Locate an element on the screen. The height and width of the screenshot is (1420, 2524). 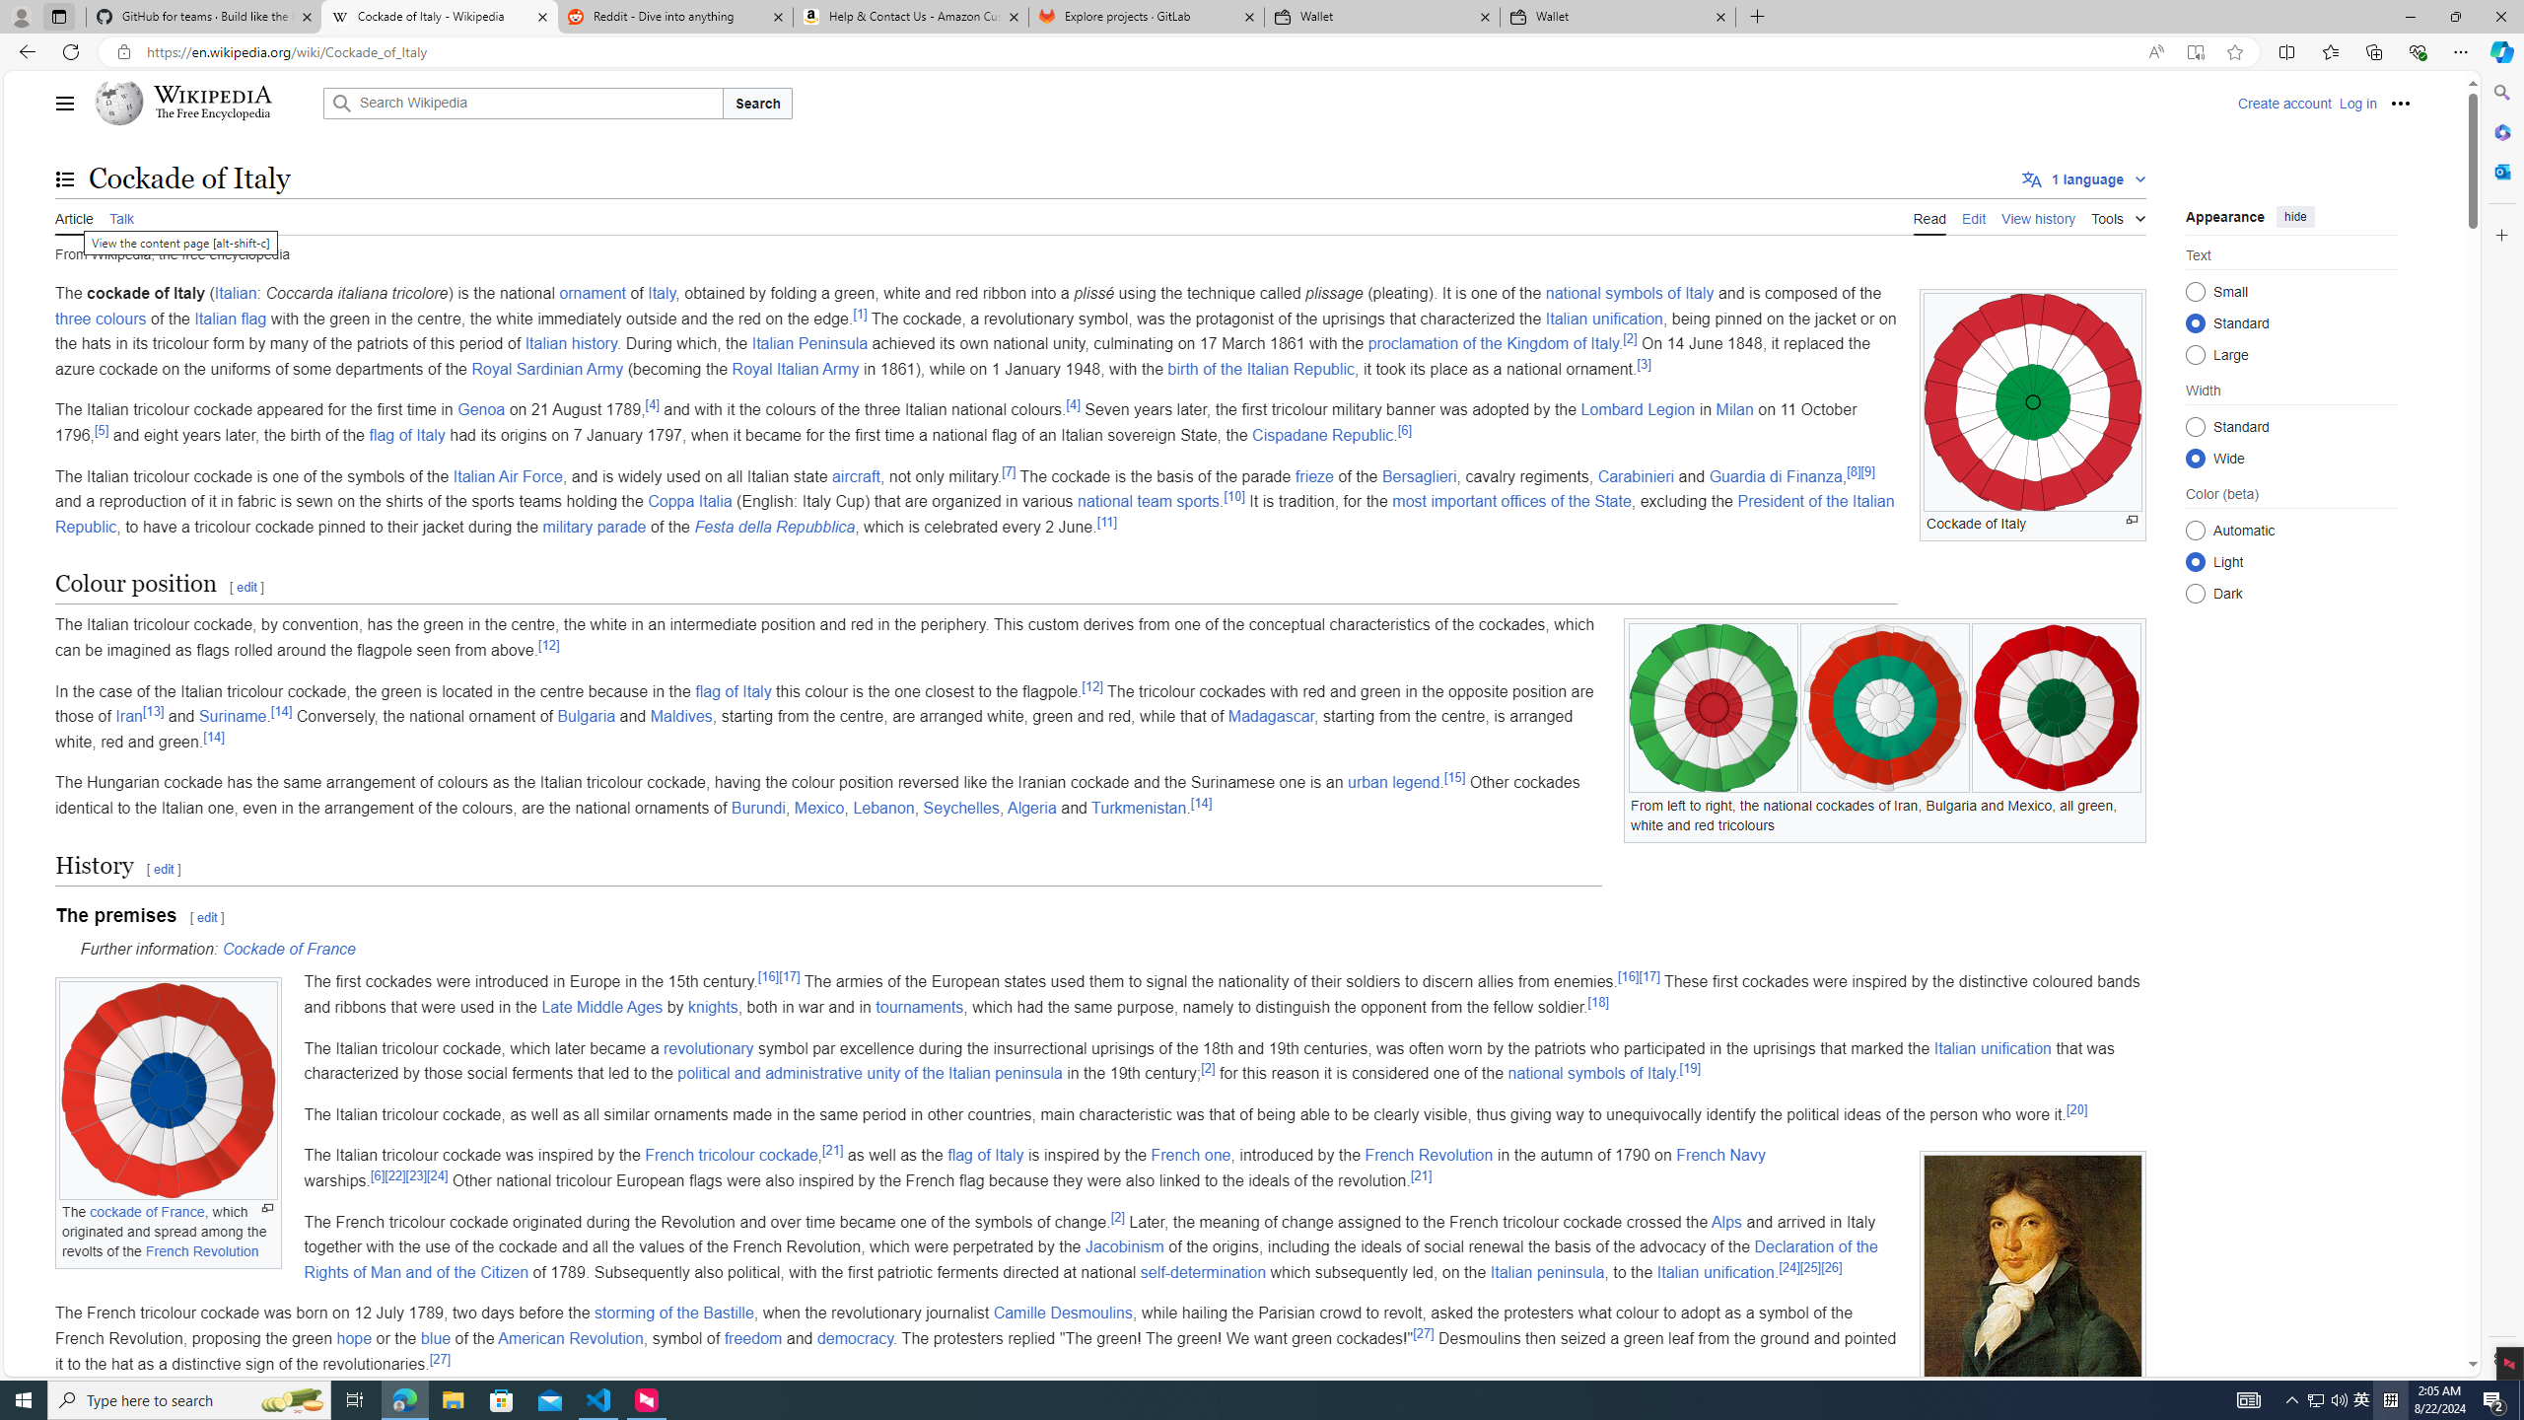
'Algeria' is located at coordinates (1032, 808).